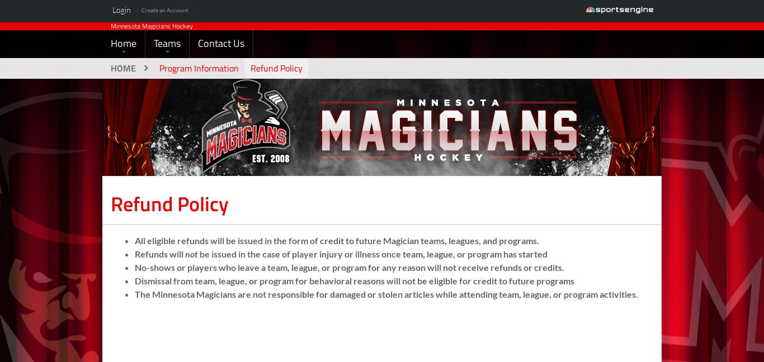 This screenshot has height=362, width=764. Describe the element at coordinates (198, 88) in the screenshot. I see `'Program Information'` at that location.